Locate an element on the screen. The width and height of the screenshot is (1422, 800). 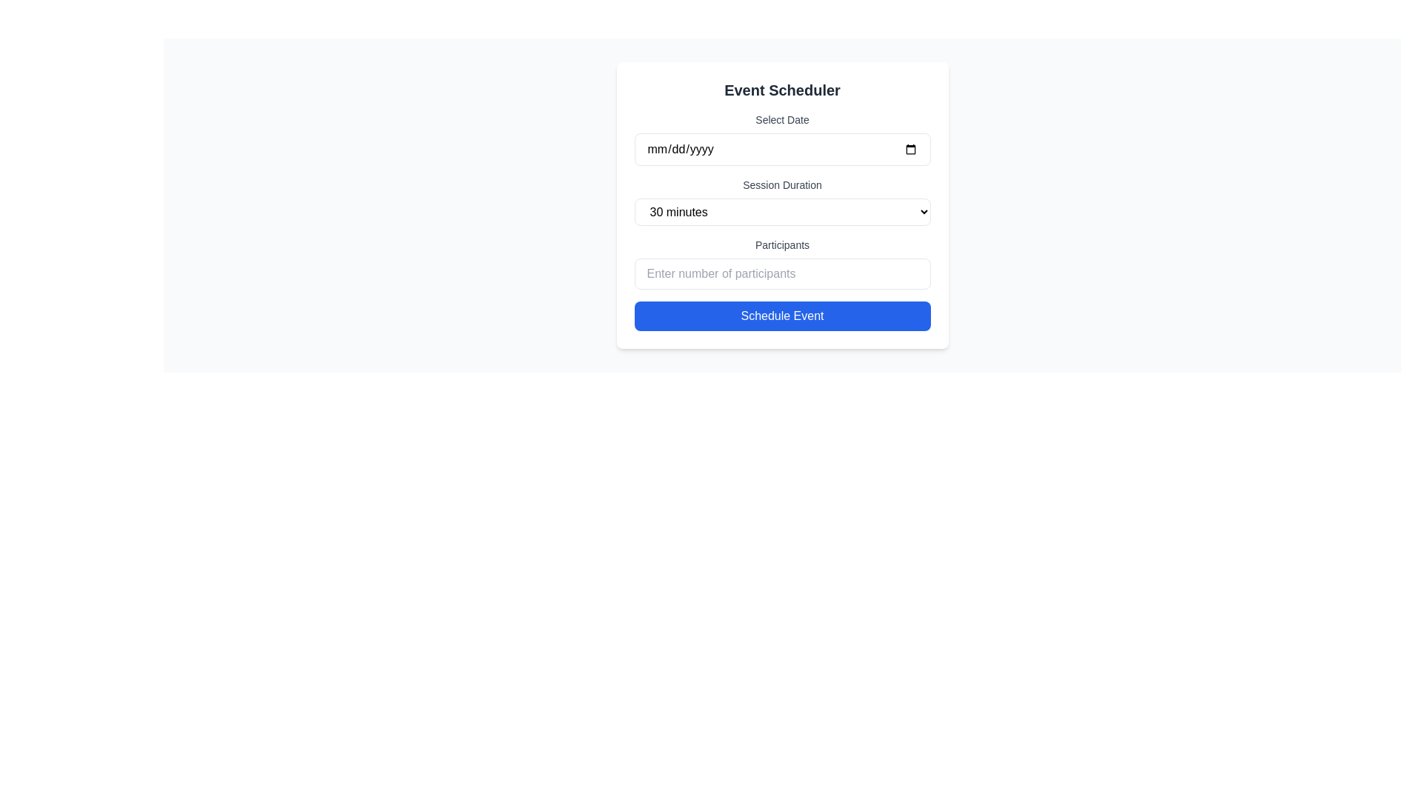
an option from the dropdown menu that displays '30 minutes' as the default text, located below the 'Session Duration' label and above the 'Participants' text input field is located at coordinates (781, 212).